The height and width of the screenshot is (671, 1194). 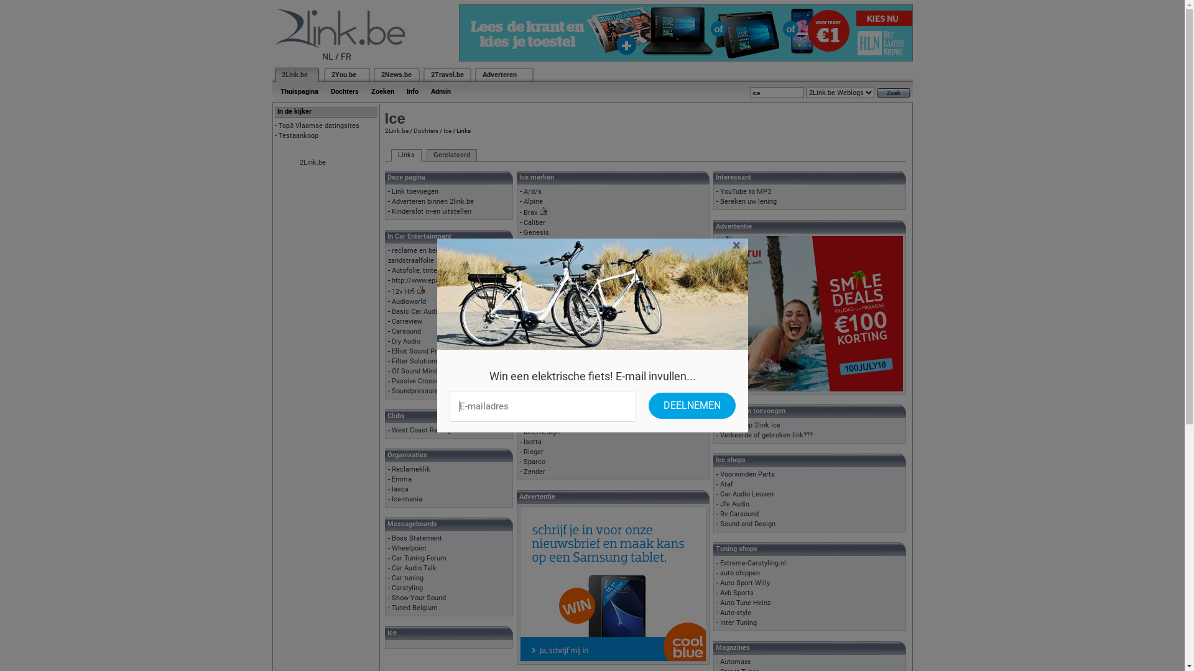 I want to click on 'Brax', so click(x=530, y=212).